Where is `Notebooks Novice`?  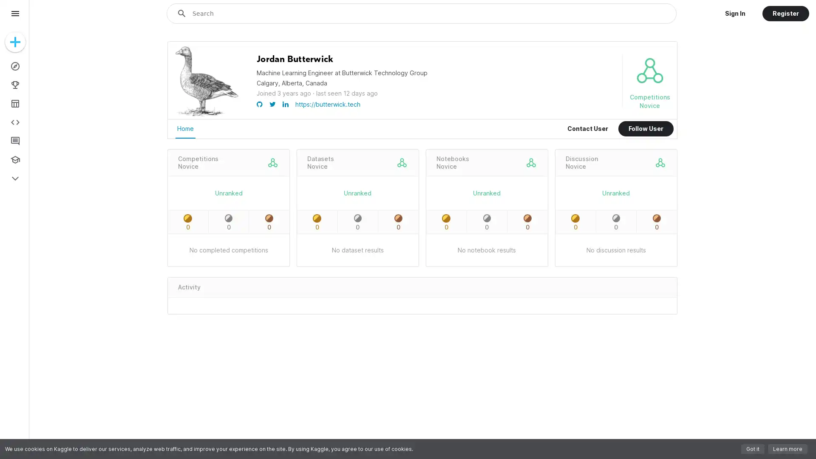
Notebooks Novice is located at coordinates (452, 162).